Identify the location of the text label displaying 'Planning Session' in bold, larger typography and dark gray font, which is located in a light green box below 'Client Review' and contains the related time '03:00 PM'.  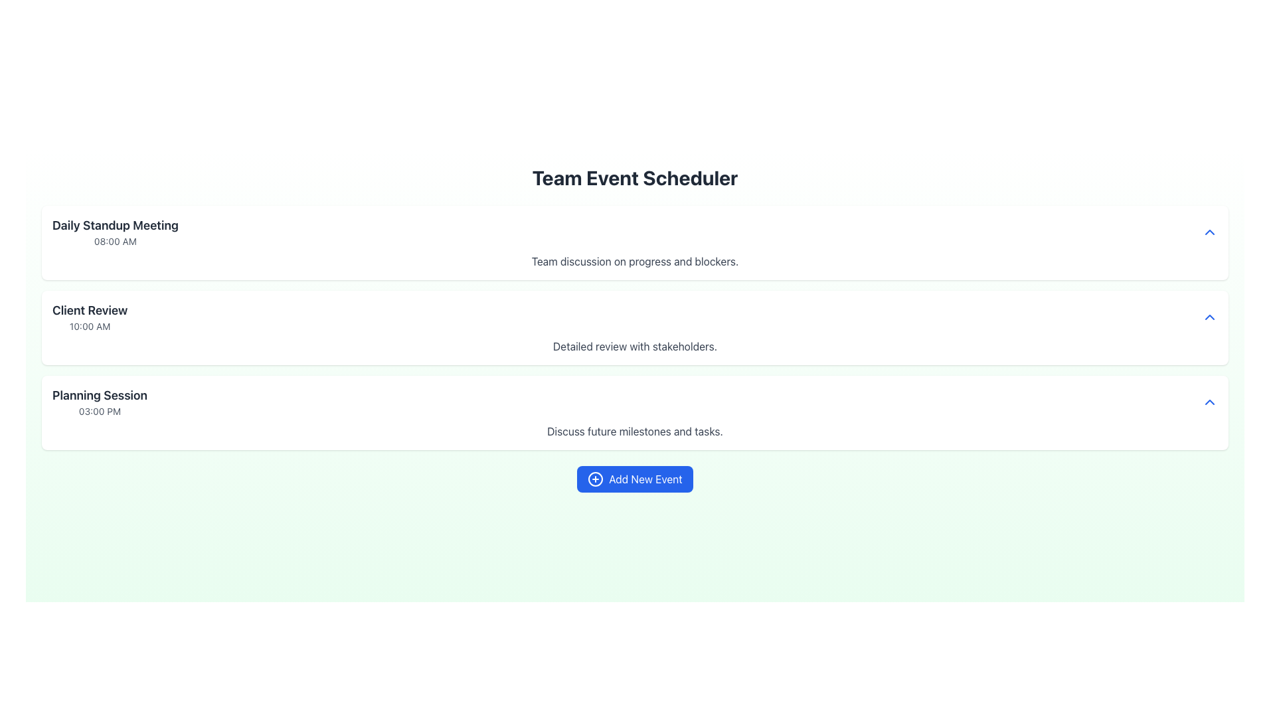
(99, 395).